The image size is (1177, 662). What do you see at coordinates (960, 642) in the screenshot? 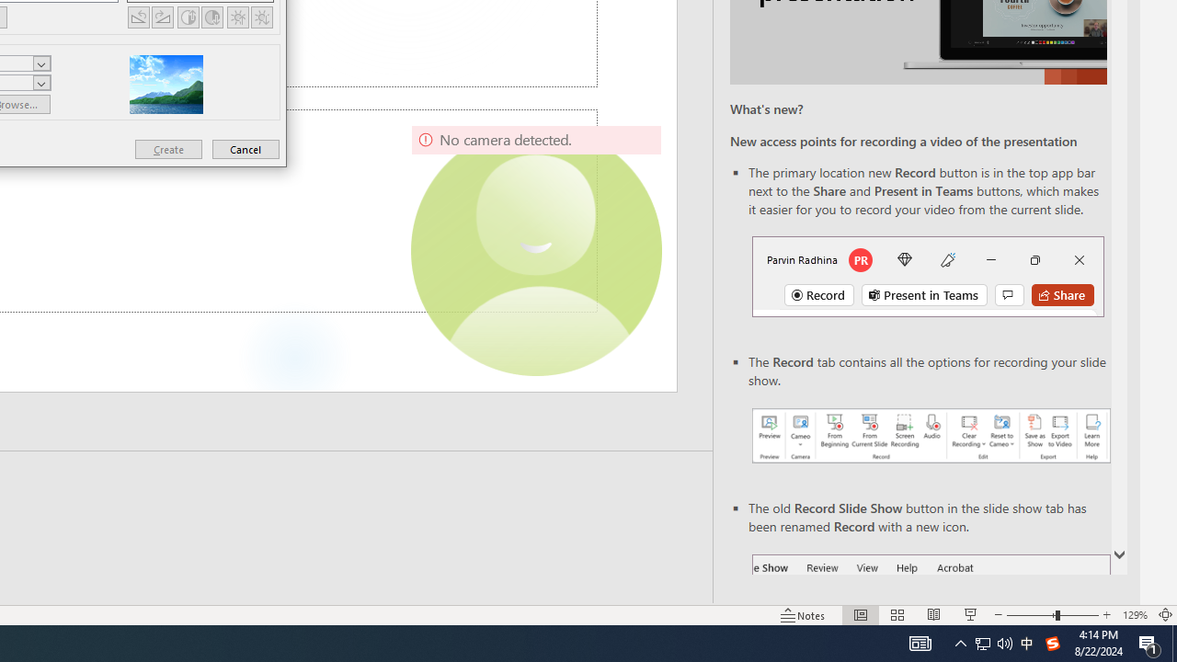
I see `'Notification Chevron'` at bounding box center [960, 642].